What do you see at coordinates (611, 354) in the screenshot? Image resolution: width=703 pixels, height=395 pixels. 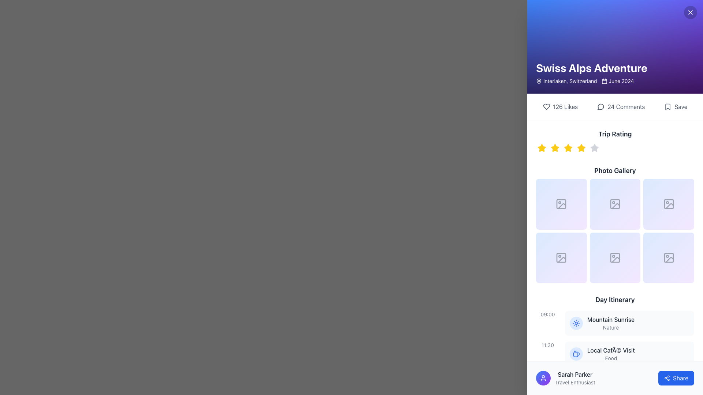 I see `the 'Local Café Visit' itinerary item in the Day Itinerary section` at bounding box center [611, 354].